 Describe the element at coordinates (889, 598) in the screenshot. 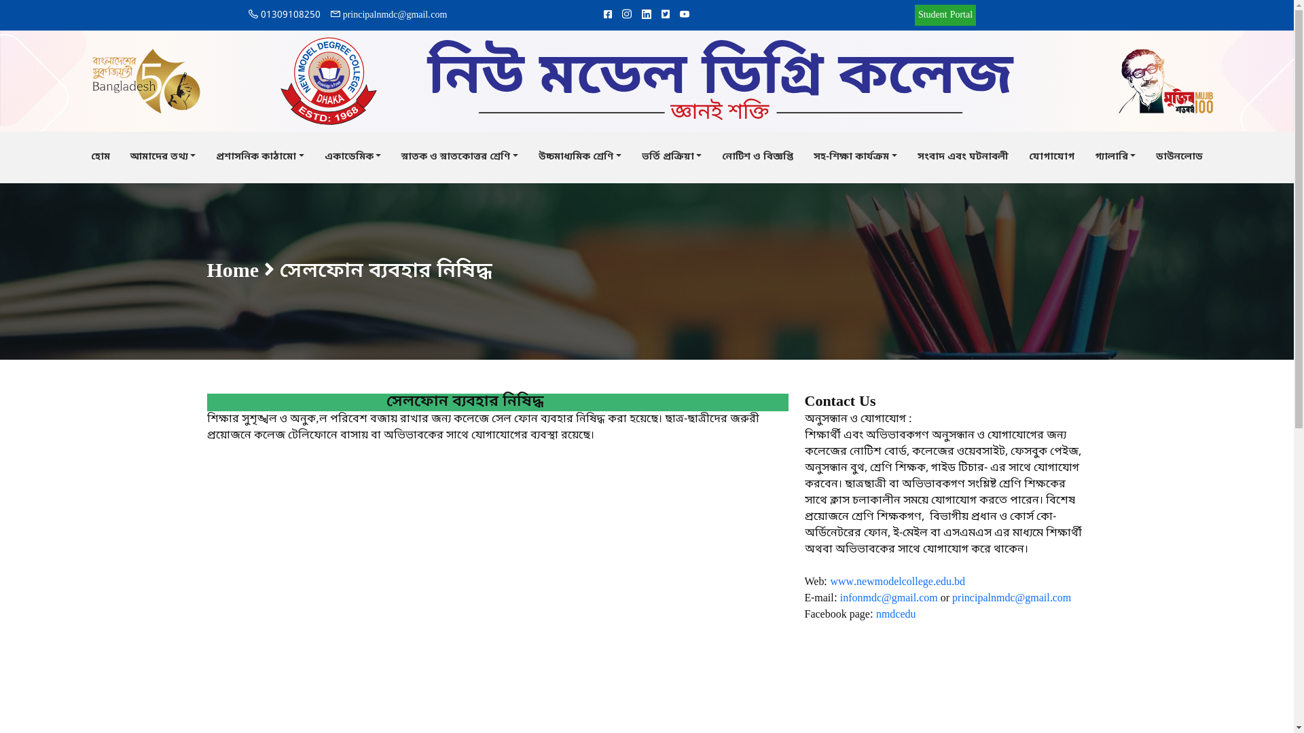

I see `'infonmdc@gmail.com'` at that location.